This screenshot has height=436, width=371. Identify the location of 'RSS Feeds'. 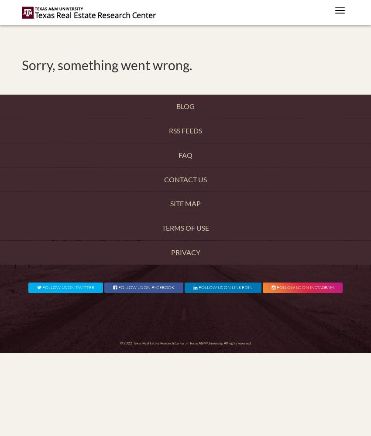
(185, 130).